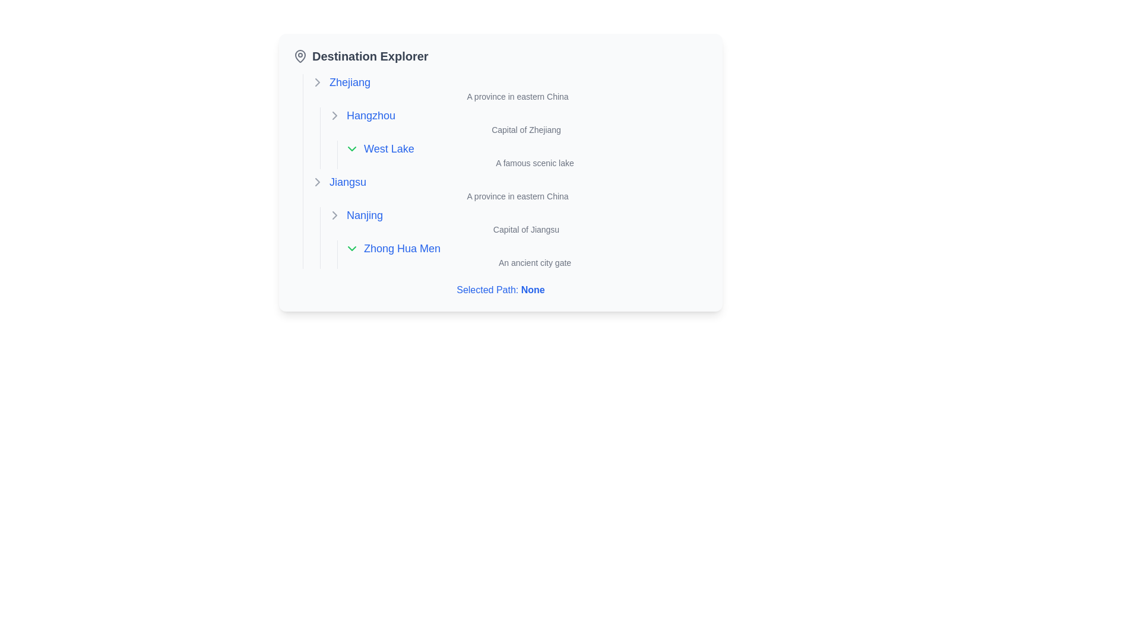  What do you see at coordinates (526, 253) in the screenshot?
I see `the List item with dropdown and descriptive text for 'Nanjing' located under 'West Lake' in the 'Jiangsu' category` at bounding box center [526, 253].